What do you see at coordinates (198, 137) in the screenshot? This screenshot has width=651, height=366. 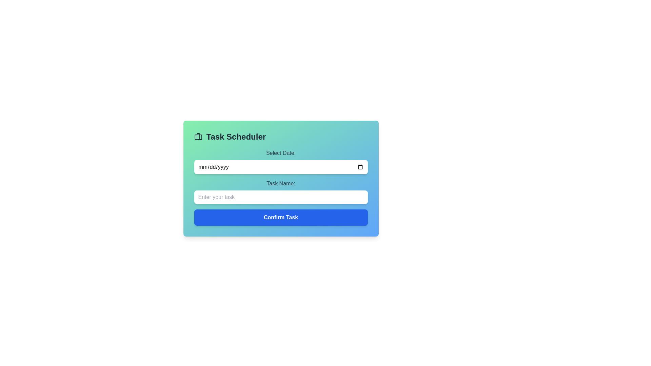 I see `the SVG rectangle that visually suggests a compartment within the briefcase icon, located slightly to the left of the 'Task Scheduler' heading` at bounding box center [198, 137].